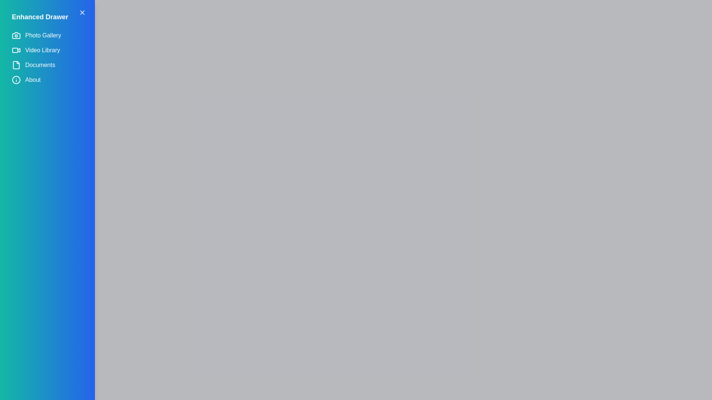  What do you see at coordinates (42, 50) in the screenshot?
I see `the 'Video Library' label located in the left-side panel, which is the second menu item in a vertical list, aligned with a video icon` at bounding box center [42, 50].